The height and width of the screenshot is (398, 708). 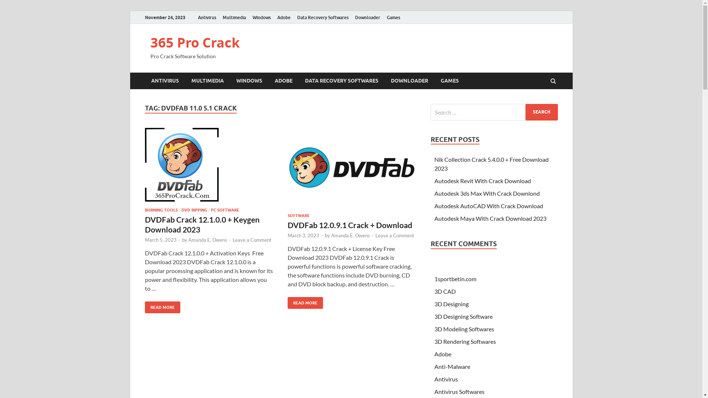 I want to click on 'Antivirus', so click(x=206, y=17).